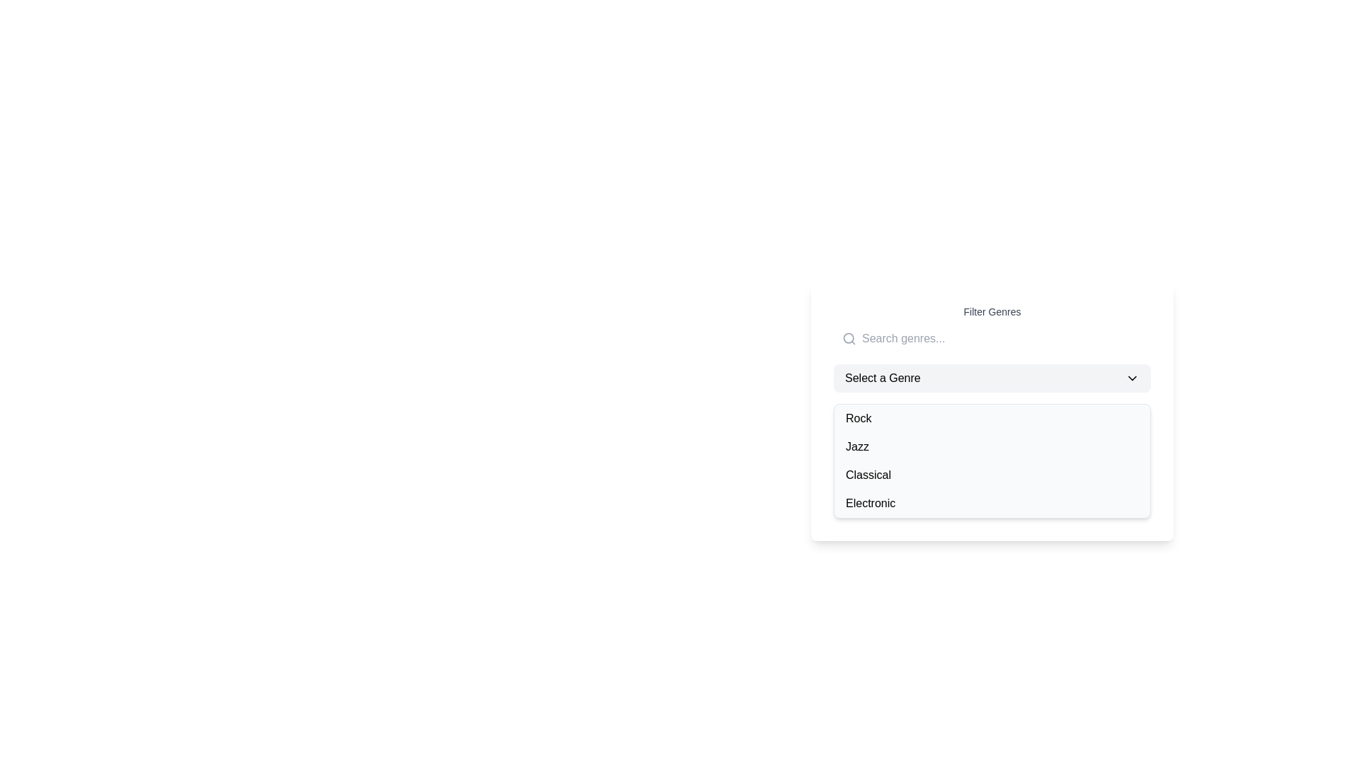 This screenshot has height=764, width=1359. What do you see at coordinates (868, 475) in the screenshot?
I see `the third item in the dropdown list labeled 'Select a Genre'` at bounding box center [868, 475].